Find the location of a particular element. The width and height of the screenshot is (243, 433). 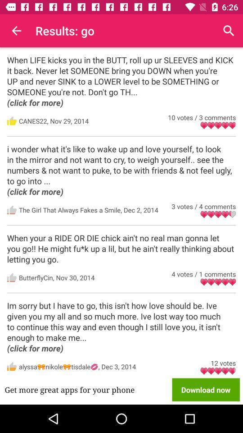

download now is located at coordinates (206, 389).